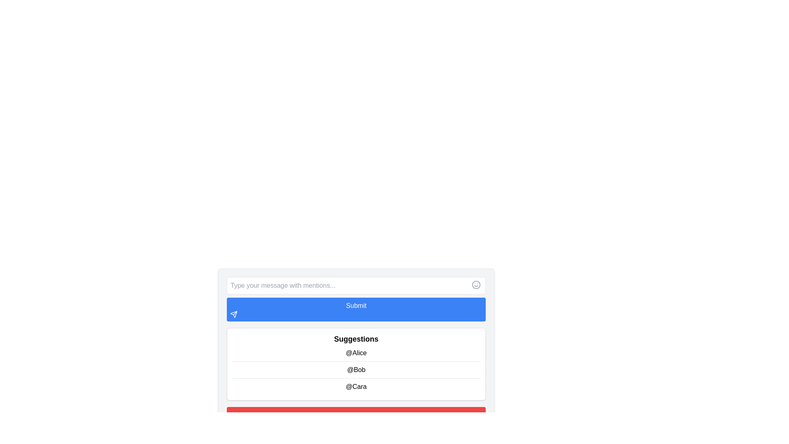 The height and width of the screenshot is (444, 789). Describe the element at coordinates (356, 386) in the screenshot. I see `the third entry in the 'Suggestions' list, which represents a selectable option` at that location.